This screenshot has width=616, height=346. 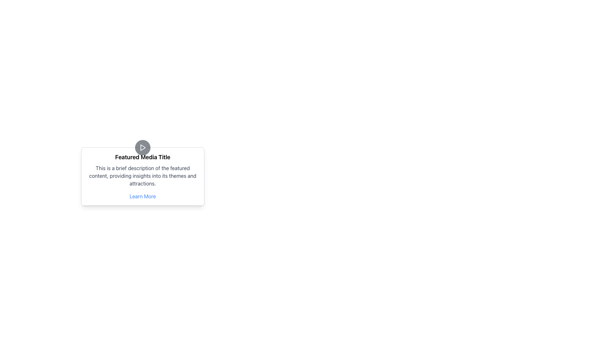 What do you see at coordinates (142, 148) in the screenshot?
I see `the SVG play button icon with a black outline, located at the center of a circular button on the card labeled 'Featured Media Title'` at bounding box center [142, 148].